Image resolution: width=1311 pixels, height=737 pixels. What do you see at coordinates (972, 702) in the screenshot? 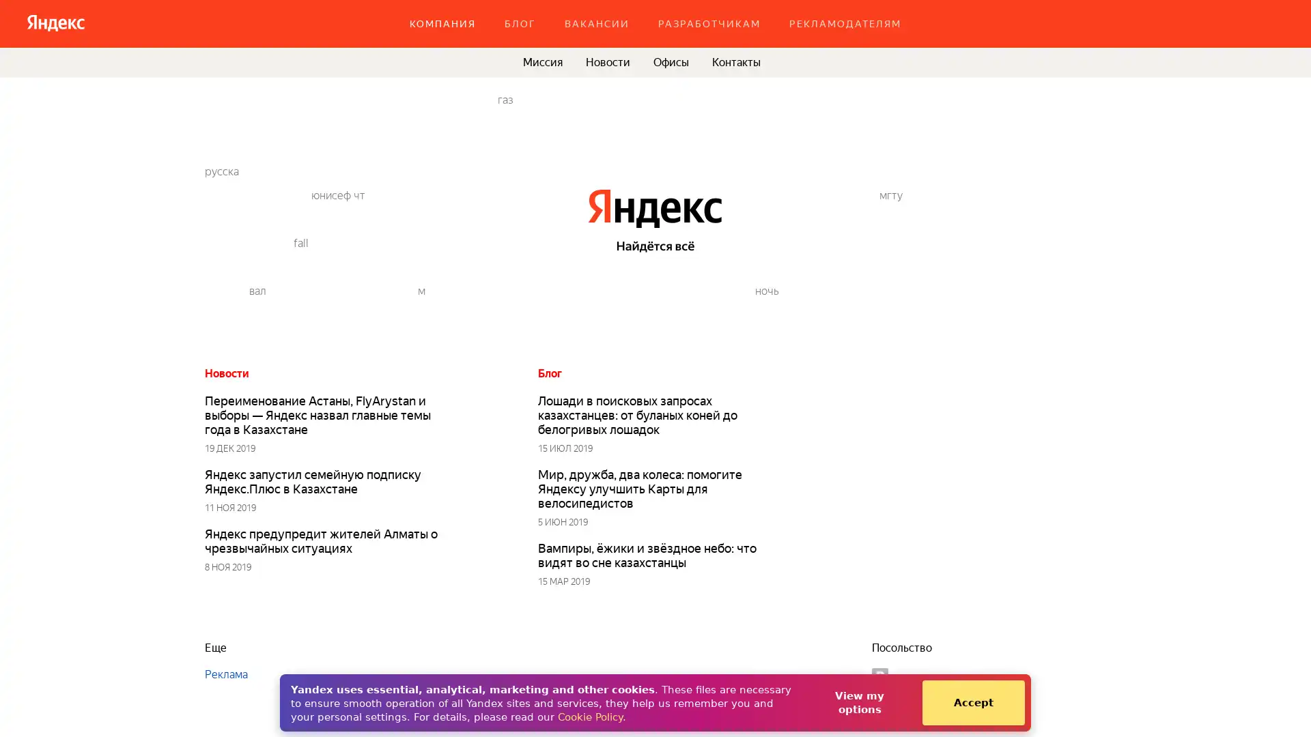
I see `Accept` at bounding box center [972, 702].